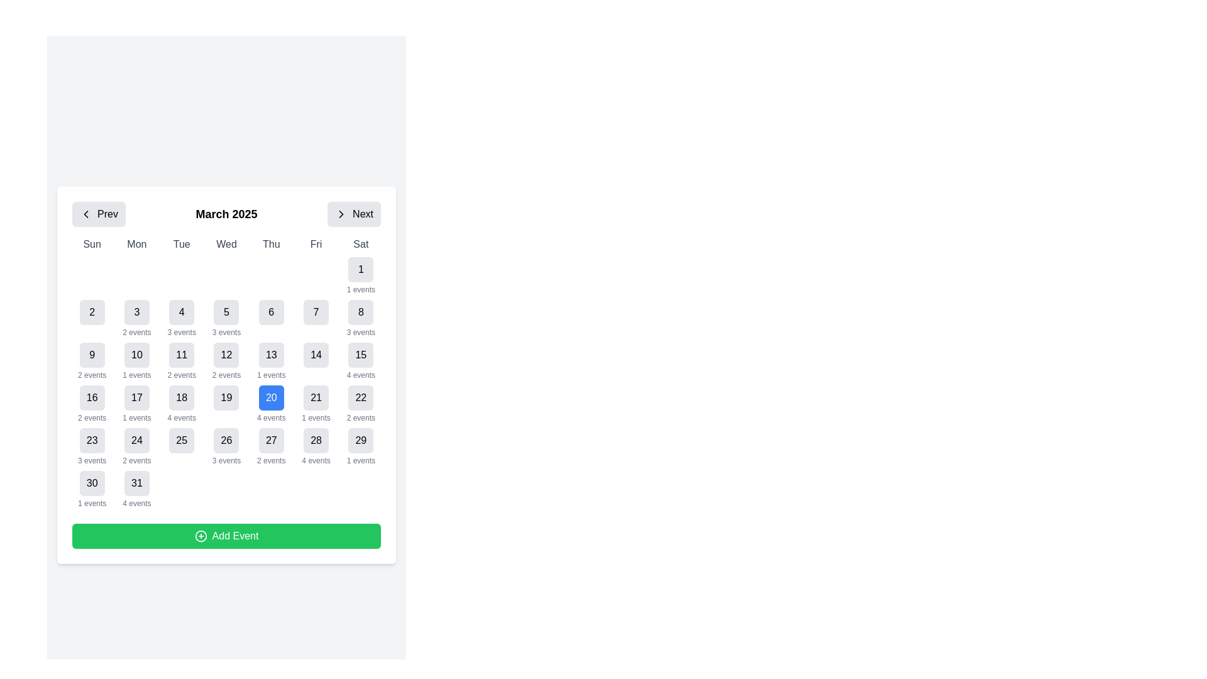 The height and width of the screenshot is (679, 1207). What do you see at coordinates (316, 275) in the screenshot?
I see `the empty calendar cell located in the second row and sixth column of the calendar grid, under the 'Fri' column` at bounding box center [316, 275].